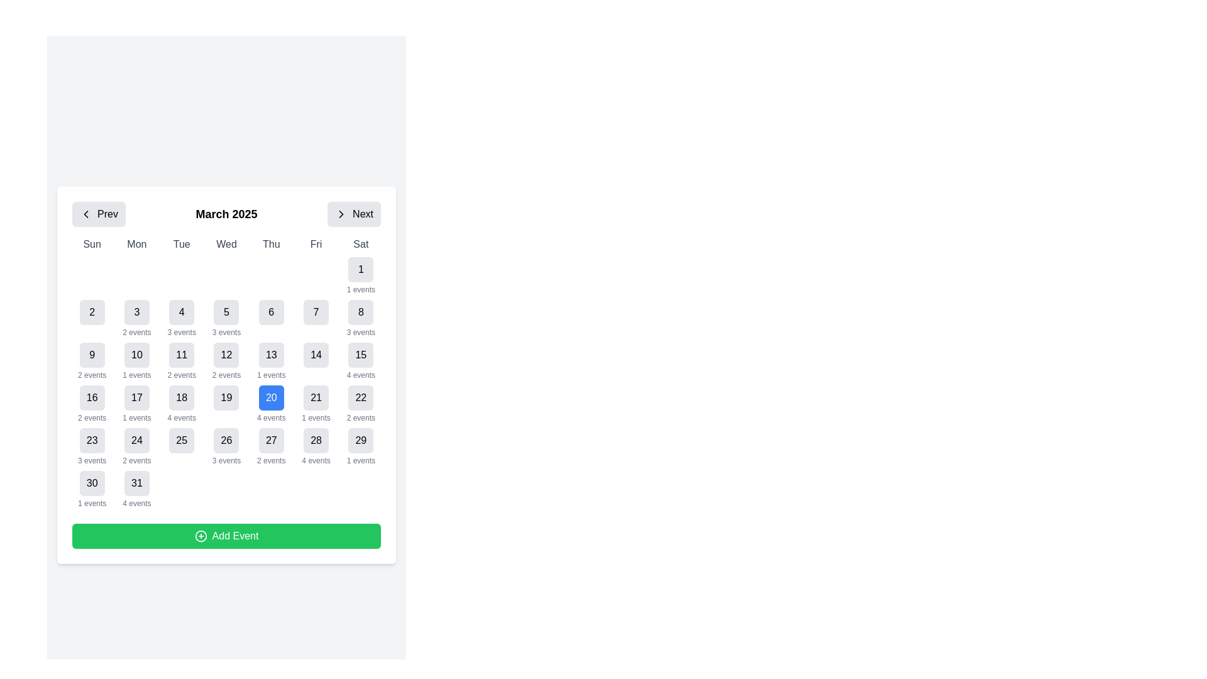 The height and width of the screenshot is (679, 1207). What do you see at coordinates (316, 275) in the screenshot?
I see `the empty calendar cell located in the second row and sixth column of the calendar grid, under the 'Fri' column` at bounding box center [316, 275].